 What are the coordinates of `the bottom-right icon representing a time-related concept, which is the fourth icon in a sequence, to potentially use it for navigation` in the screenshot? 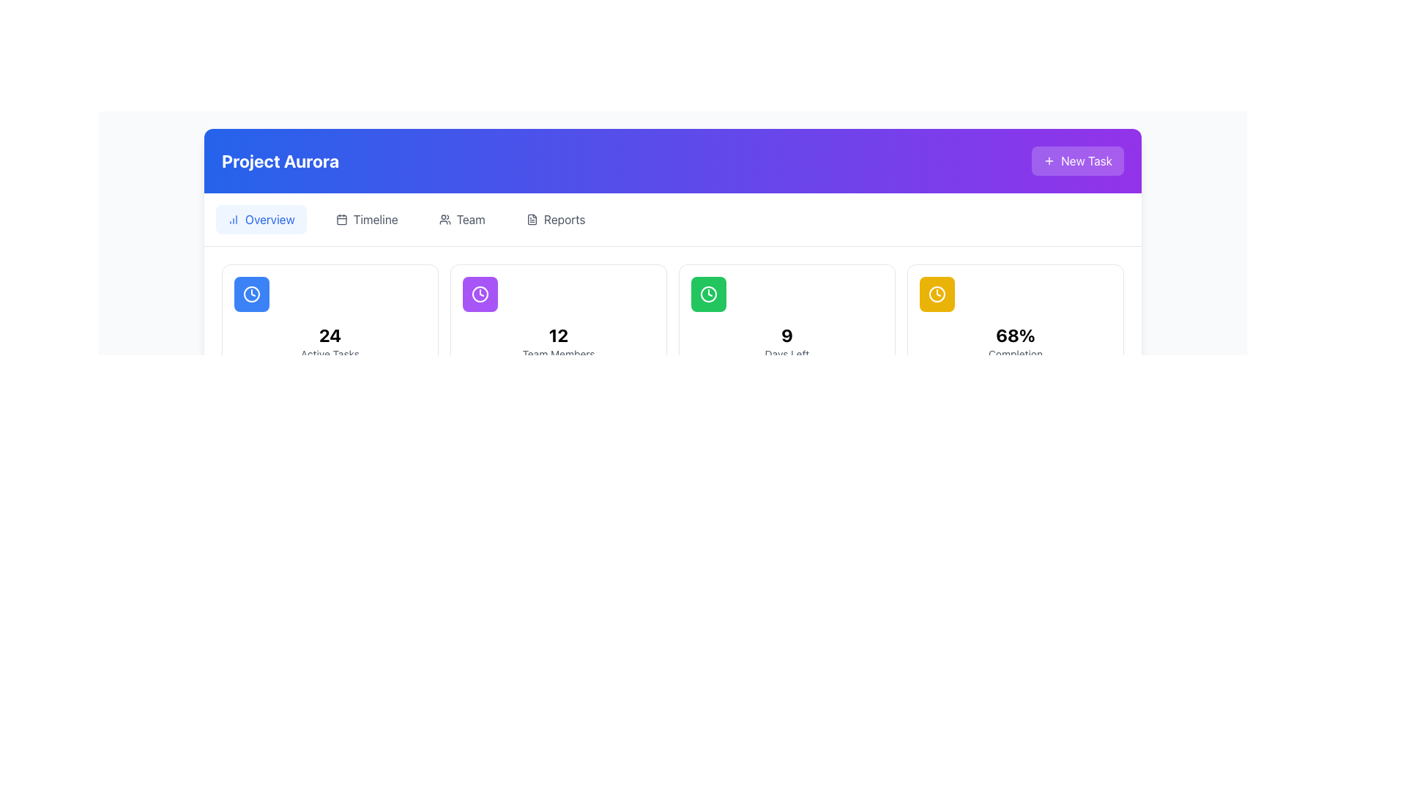 It's located at (937, 294).